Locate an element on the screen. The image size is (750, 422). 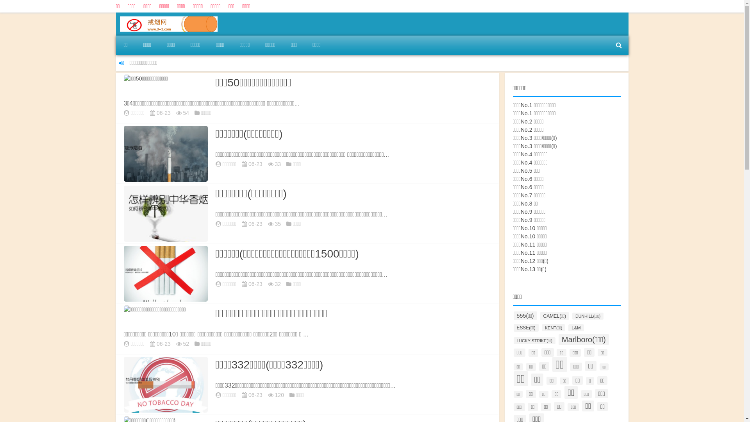
'L&M' is located at coordinates (576, 328).